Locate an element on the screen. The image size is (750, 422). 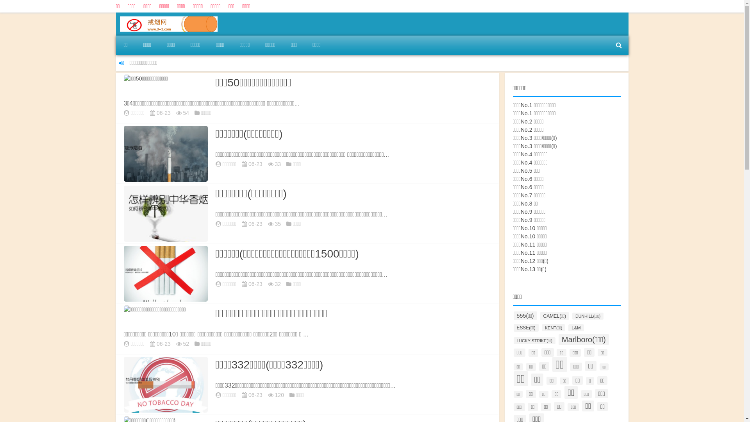
'L&M' is located at coordinates (576, 328).